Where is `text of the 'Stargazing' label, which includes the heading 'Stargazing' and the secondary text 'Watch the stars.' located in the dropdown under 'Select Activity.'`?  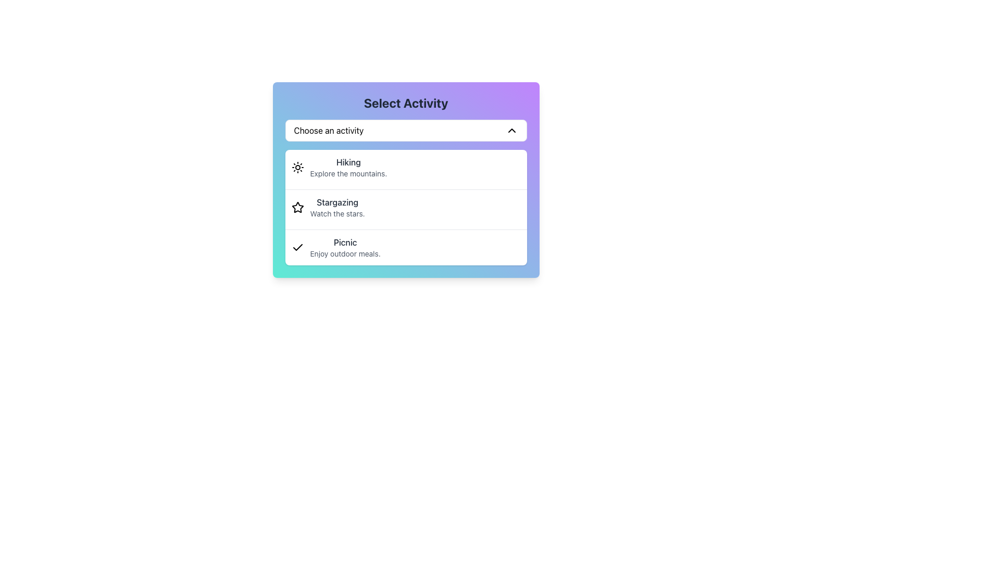 text of the 'Stargazing' label, which includes the heading 'Stargazing' and the secondary text 'Watch the stars.' located in the dropdown under 'Select Activity.' is located at coordinates (337, 207).